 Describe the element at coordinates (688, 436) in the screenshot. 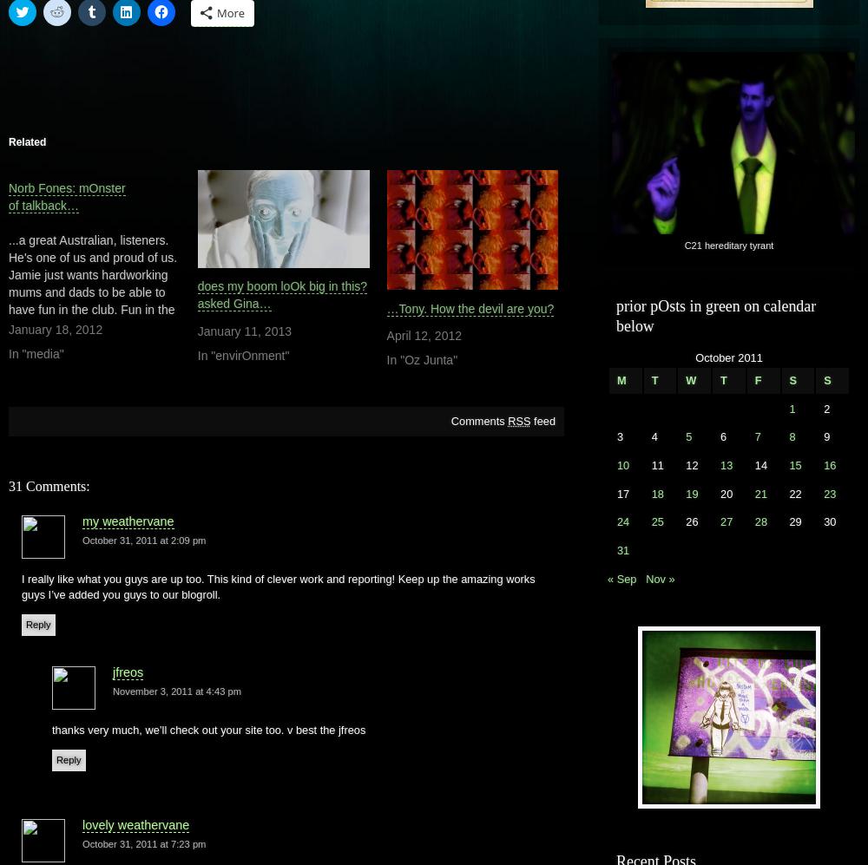

I see `'5'` at that location.